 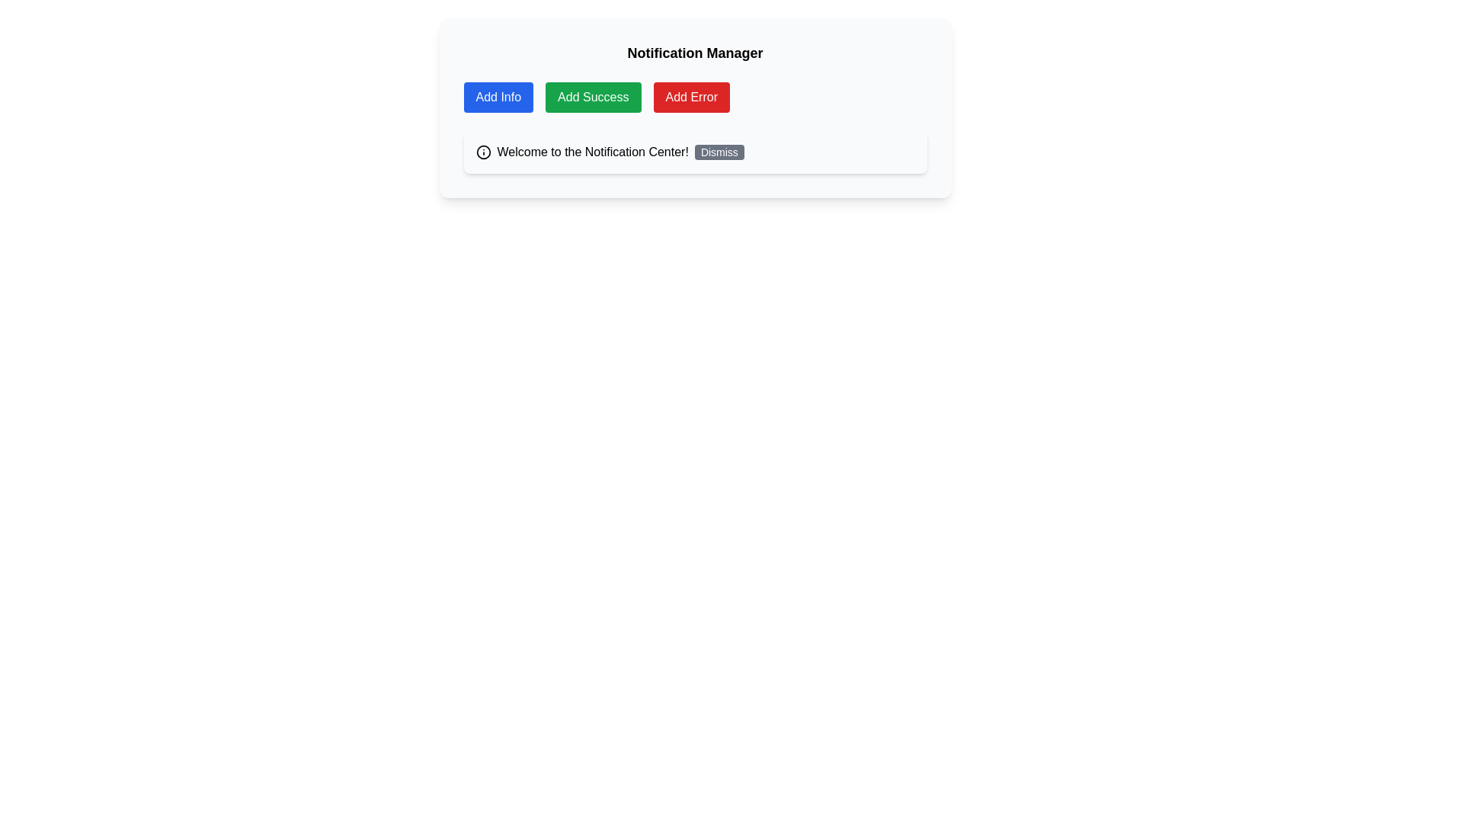 I want to click on the dismiss button located at the top-right corner of the notification message box that displays 'Welcome to the Notification Center!' to change its color, so click(x=719, y=152).